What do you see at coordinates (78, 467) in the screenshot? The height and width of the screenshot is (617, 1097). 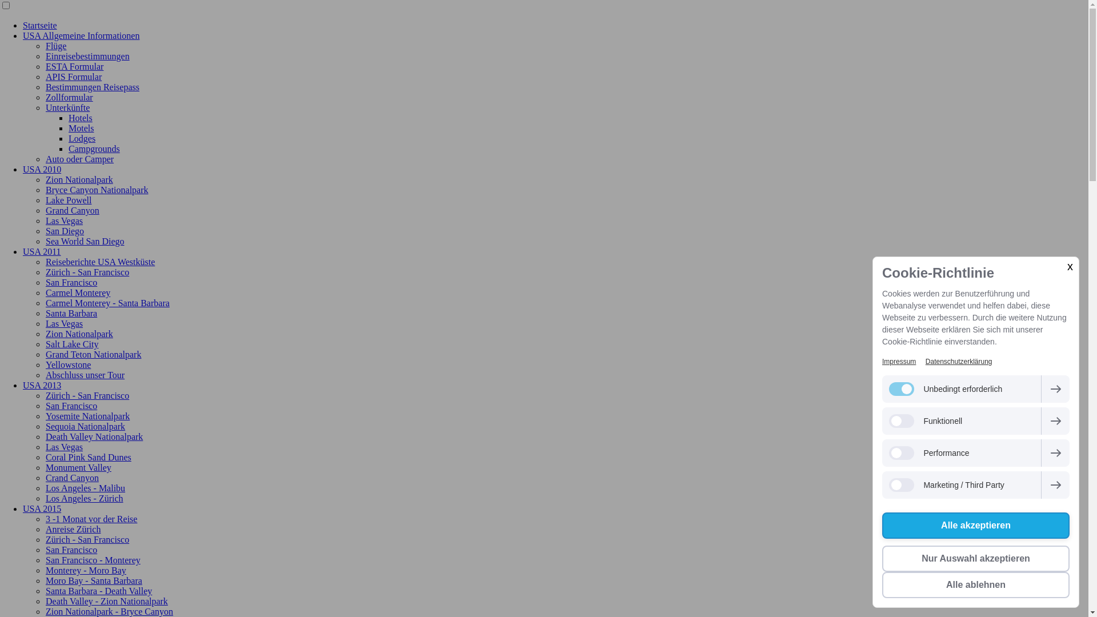 I see `'Monument Valley'` at bounding box center [78, 467].